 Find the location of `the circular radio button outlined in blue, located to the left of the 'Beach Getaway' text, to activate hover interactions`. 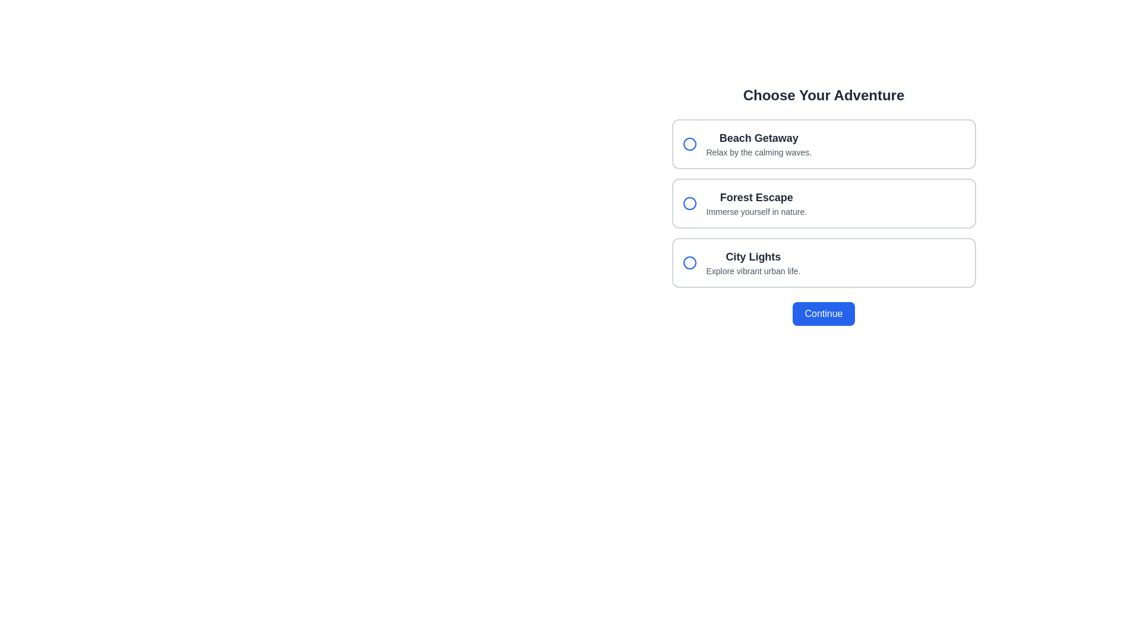

the circular radio button outlined in blue, located to the left of the 'Beach Getaway' text, to activate hover interactions is located at coordinates (689, 144).